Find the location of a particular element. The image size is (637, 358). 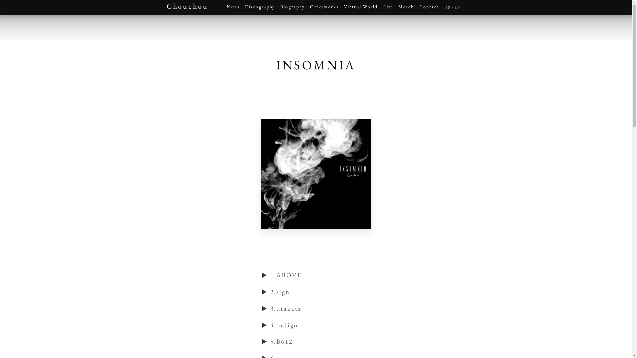

'Merch' is located at coordinates (398, 7).